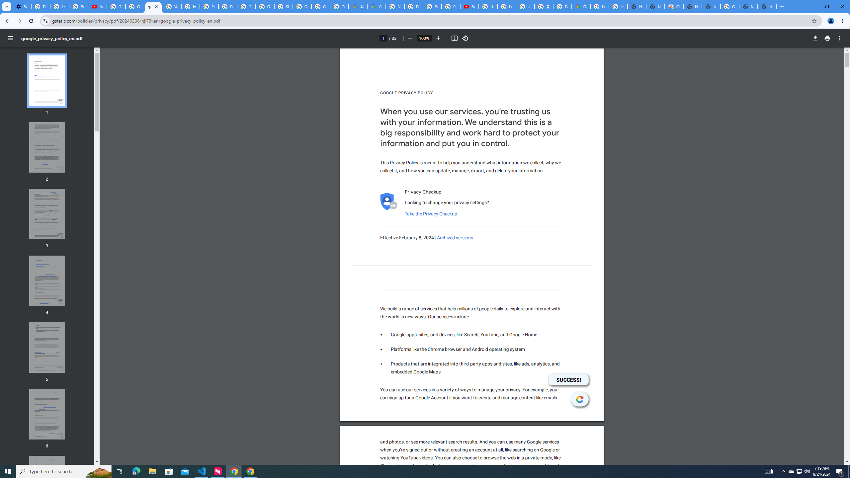  Describe the element at coordinates (395, 6) in the screenshot. I see `'Blogger Policies and Guidelines - Transparency Center'` at that location.